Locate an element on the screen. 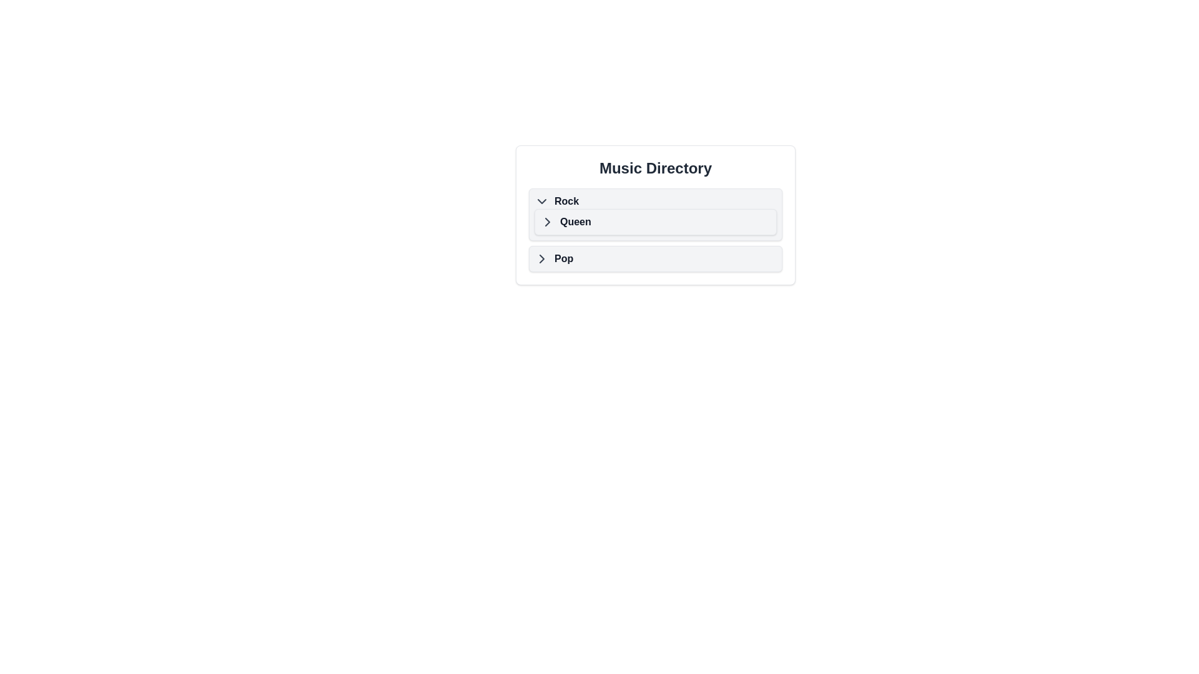 Image resolution: width=1199 pixels, height=674 pixels. the text label 'Pop' styled in bold dark gray, located at the right side of an arrow icon within a collapsible menu item is located at coordinates (563, 258).